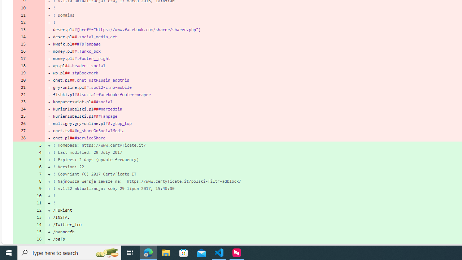 The width and height of the screenshot is (462, 260). I want to click on '26', so click(21, 123).